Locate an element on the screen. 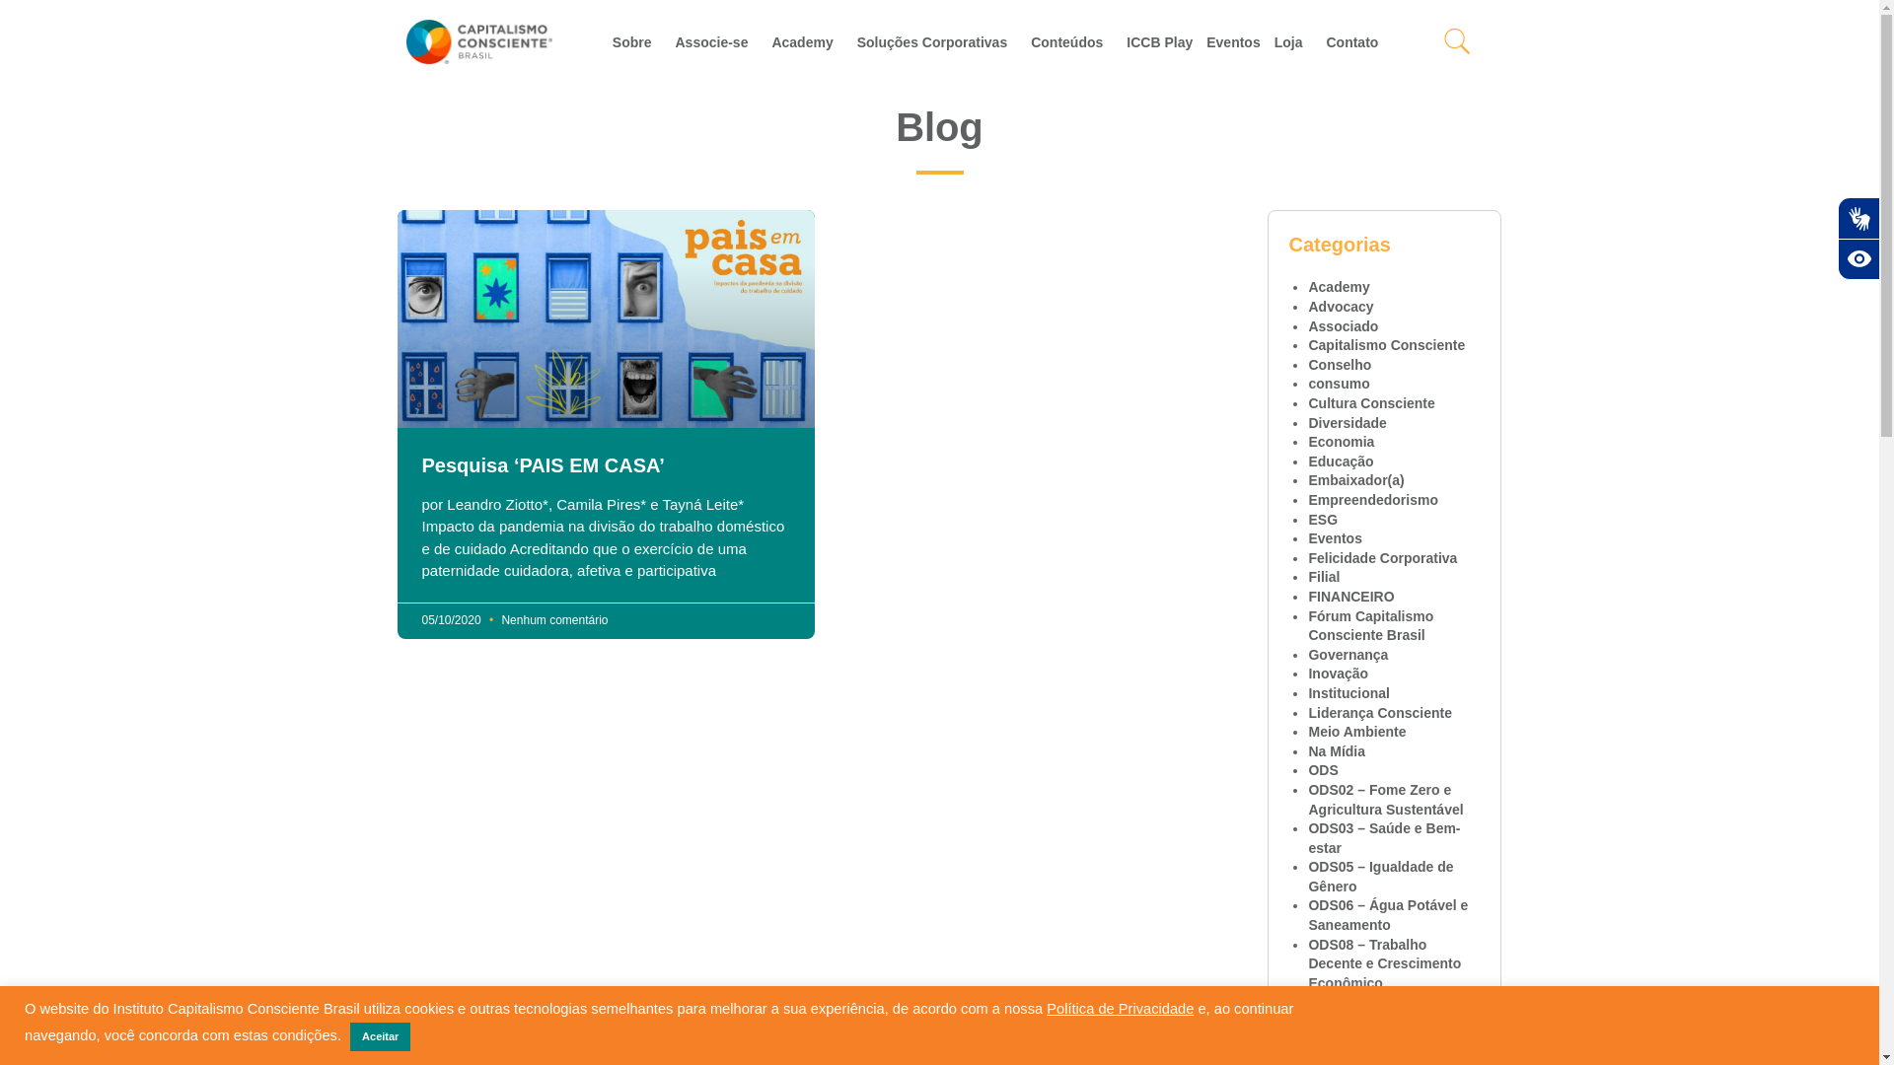 This screenshot has width=1894, height=1065. 'Institucional' is located at coordinates (1307, 691).